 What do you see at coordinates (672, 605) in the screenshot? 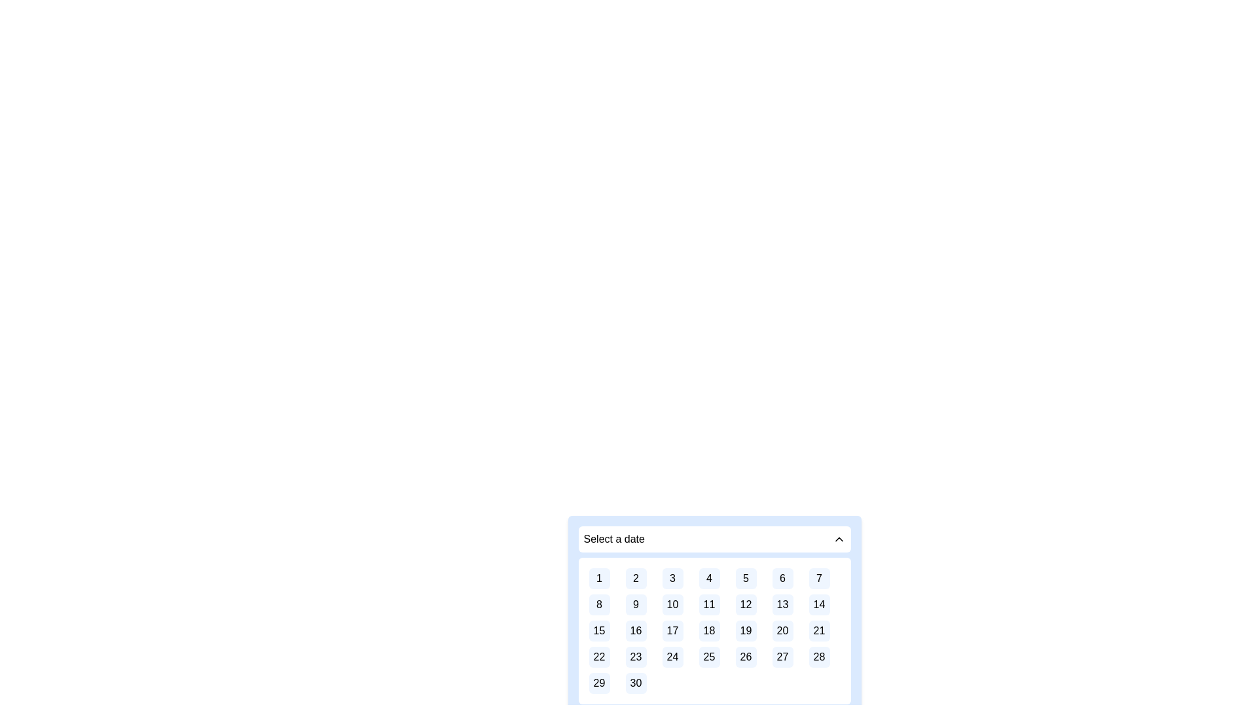
I see `the button representing the selectable day (the 10th) in the calendar interface` at bounding box center [672, 605].